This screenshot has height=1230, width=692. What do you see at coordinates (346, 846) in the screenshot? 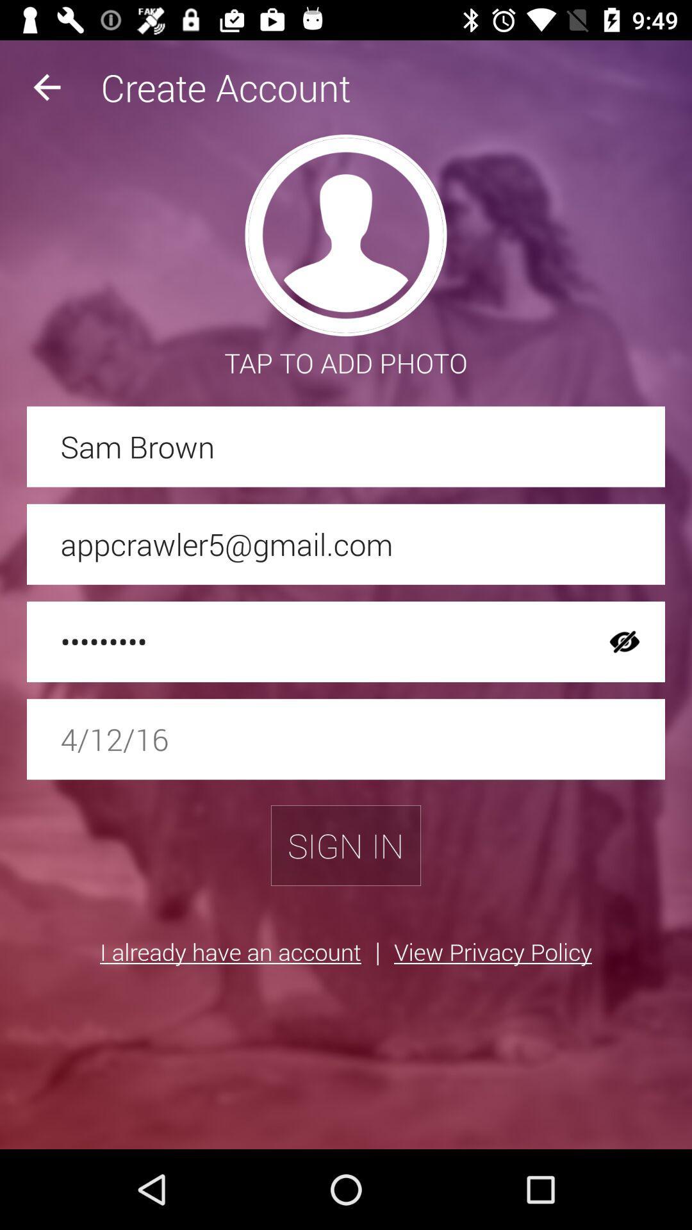
I see `the sign in icon` at bounding box center [346, 846].